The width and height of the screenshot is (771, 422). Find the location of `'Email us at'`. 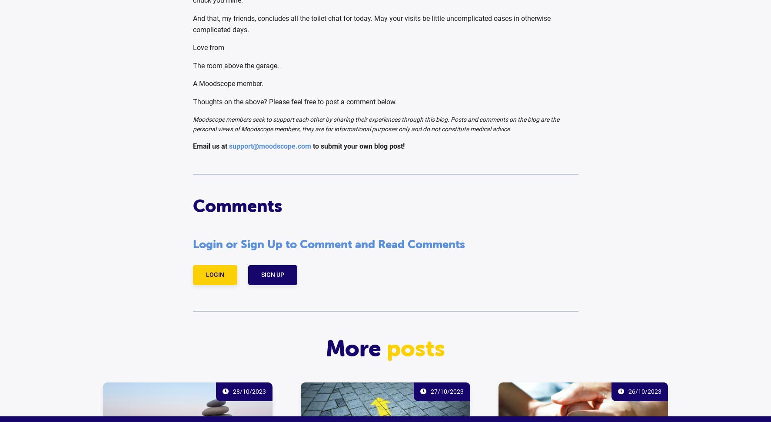

'Email us at' is located at coordinates (210, 146).